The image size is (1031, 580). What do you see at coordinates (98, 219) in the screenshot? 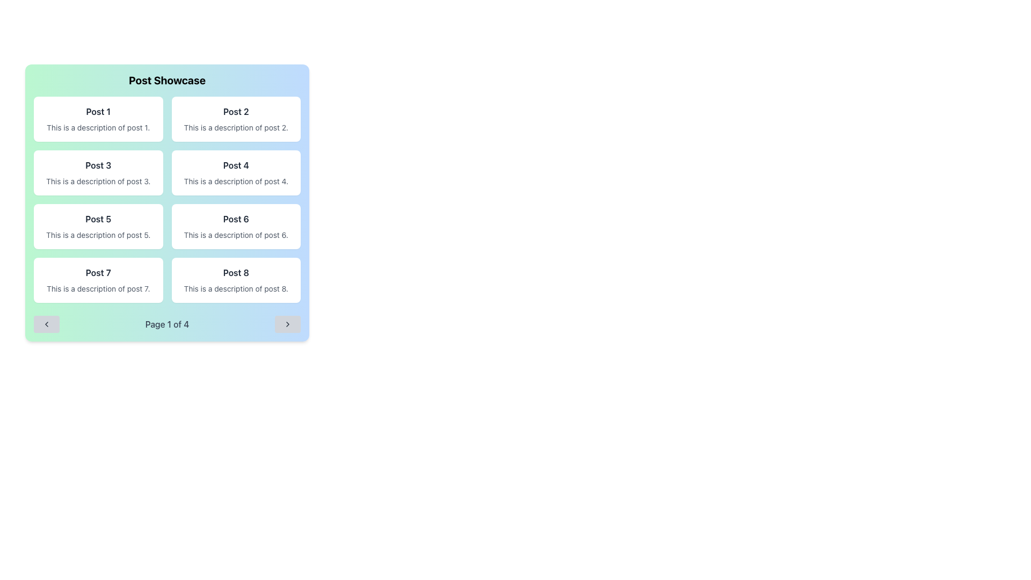
I see `the Text Label which serves as the title for the post content, located in the central row of a grid layout in the second column` at bounding box center [98, 219].